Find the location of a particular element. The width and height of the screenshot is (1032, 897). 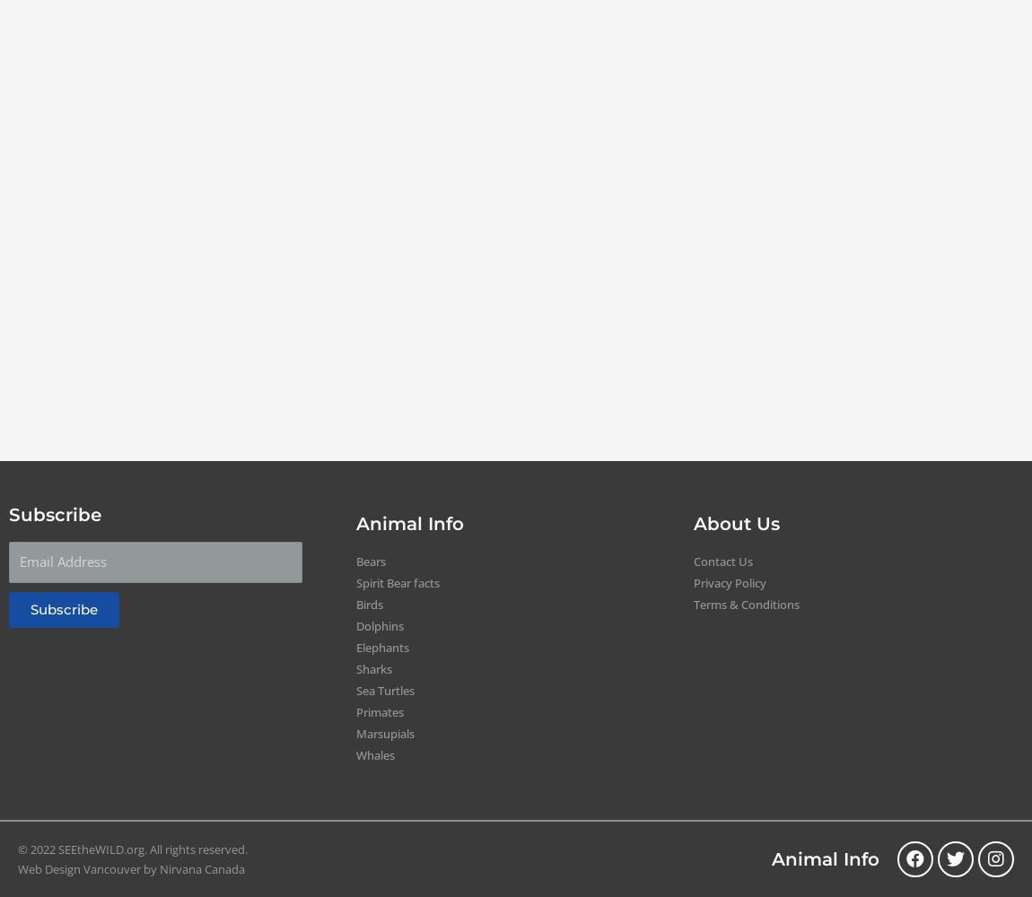

'© 2022 SEEtheWILD.org. All rights reserved.' is located at coordinates (132, 849).